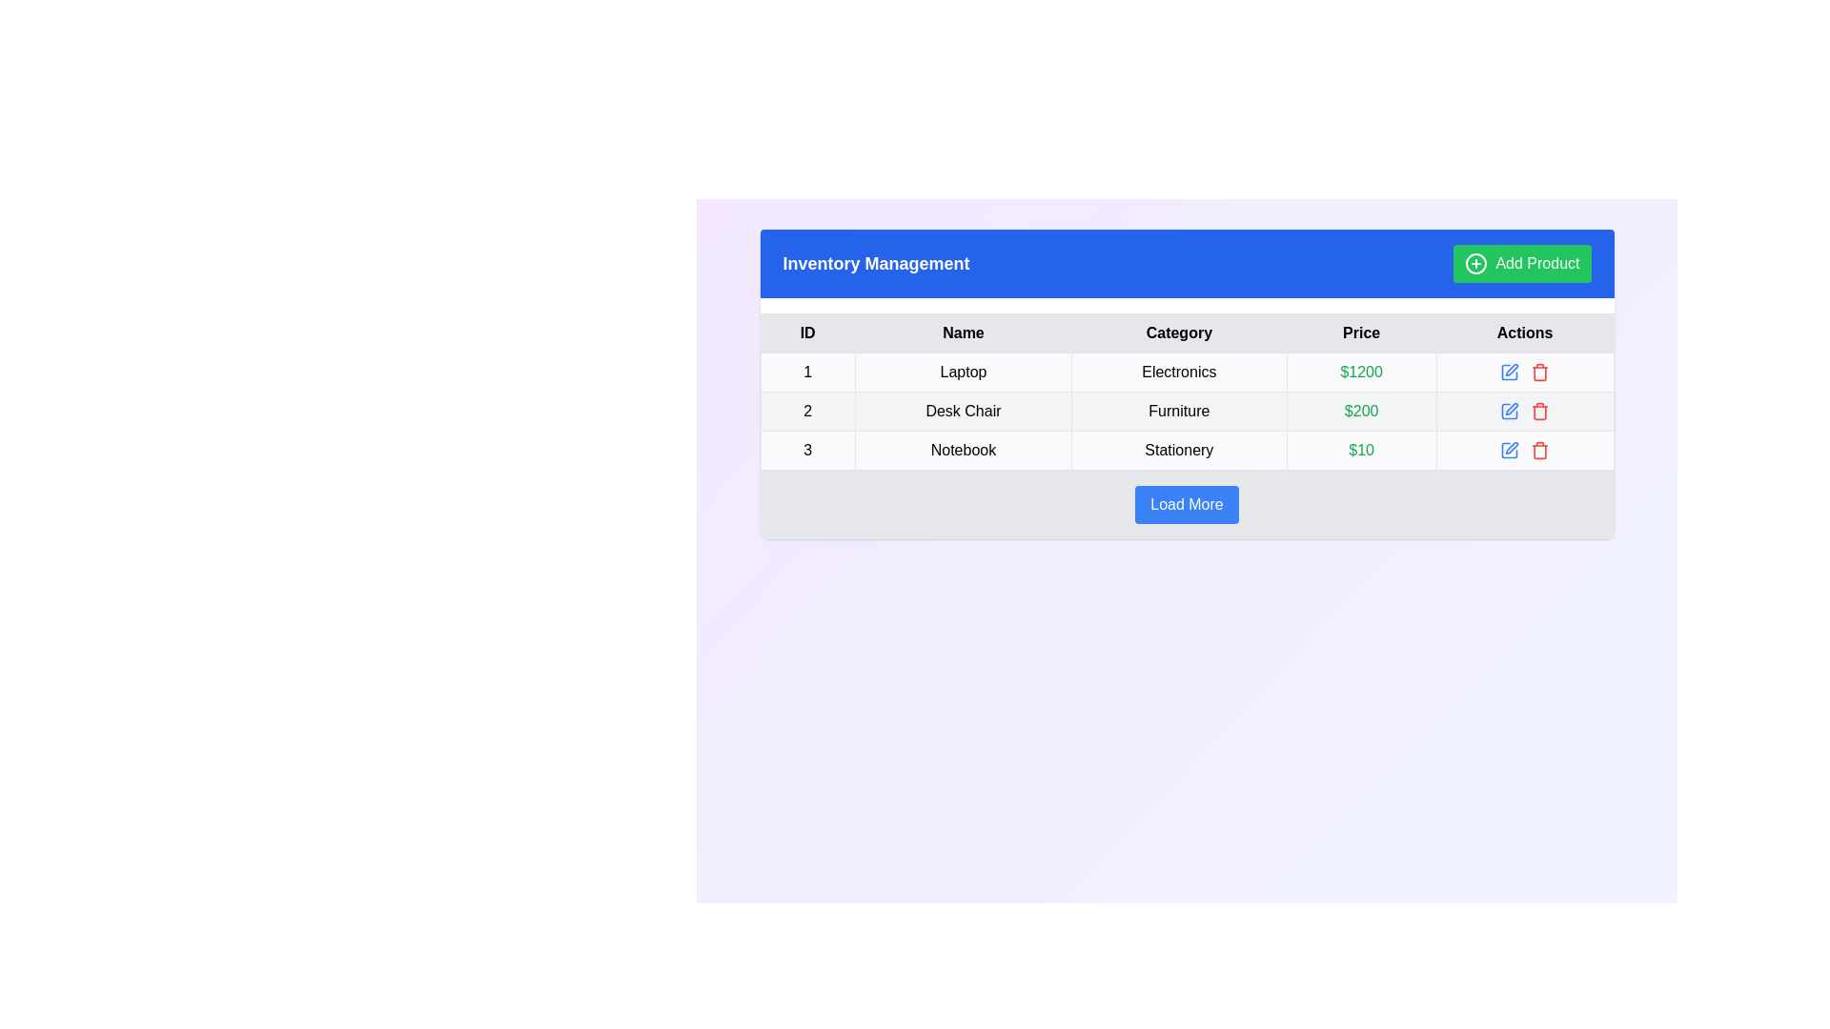  Describe the element at coordinates (1511, 448) in the screenshot. I see `the Edit button icon in the Actions column of the third row` at that location.